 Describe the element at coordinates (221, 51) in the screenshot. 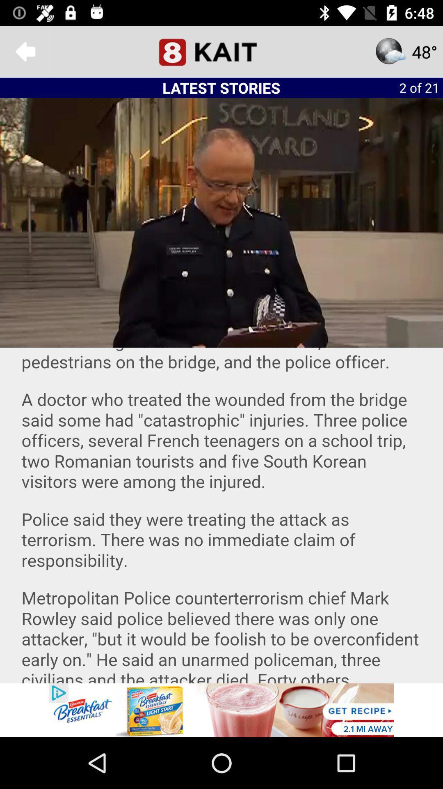

I see `homepage` at that location.